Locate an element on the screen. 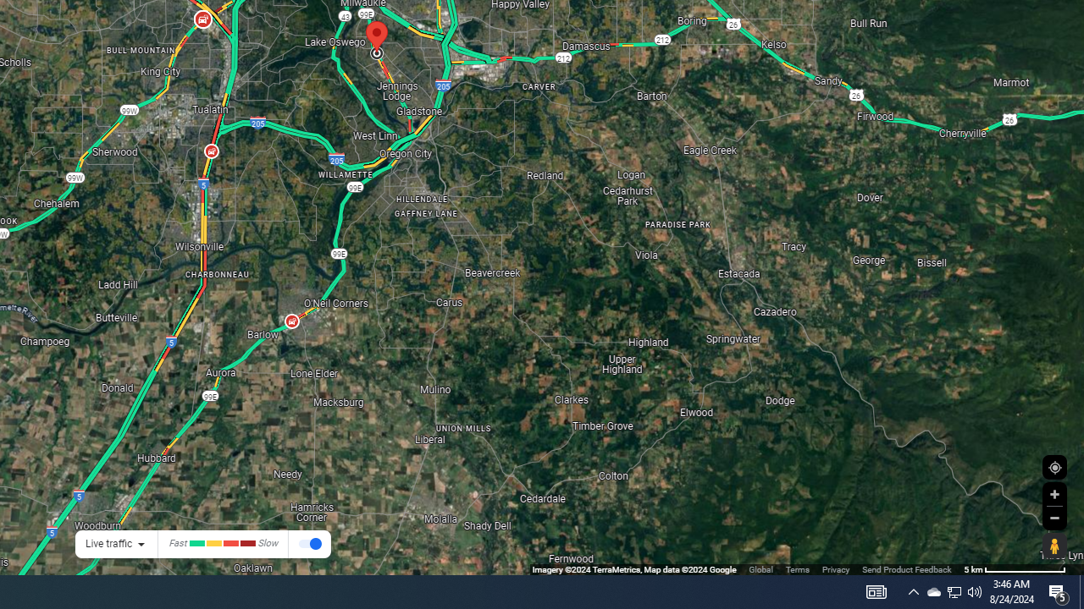 The width and height of the screenshot is (1084, 609). 'Show Your Location' is located at coordinates (1054, 467).